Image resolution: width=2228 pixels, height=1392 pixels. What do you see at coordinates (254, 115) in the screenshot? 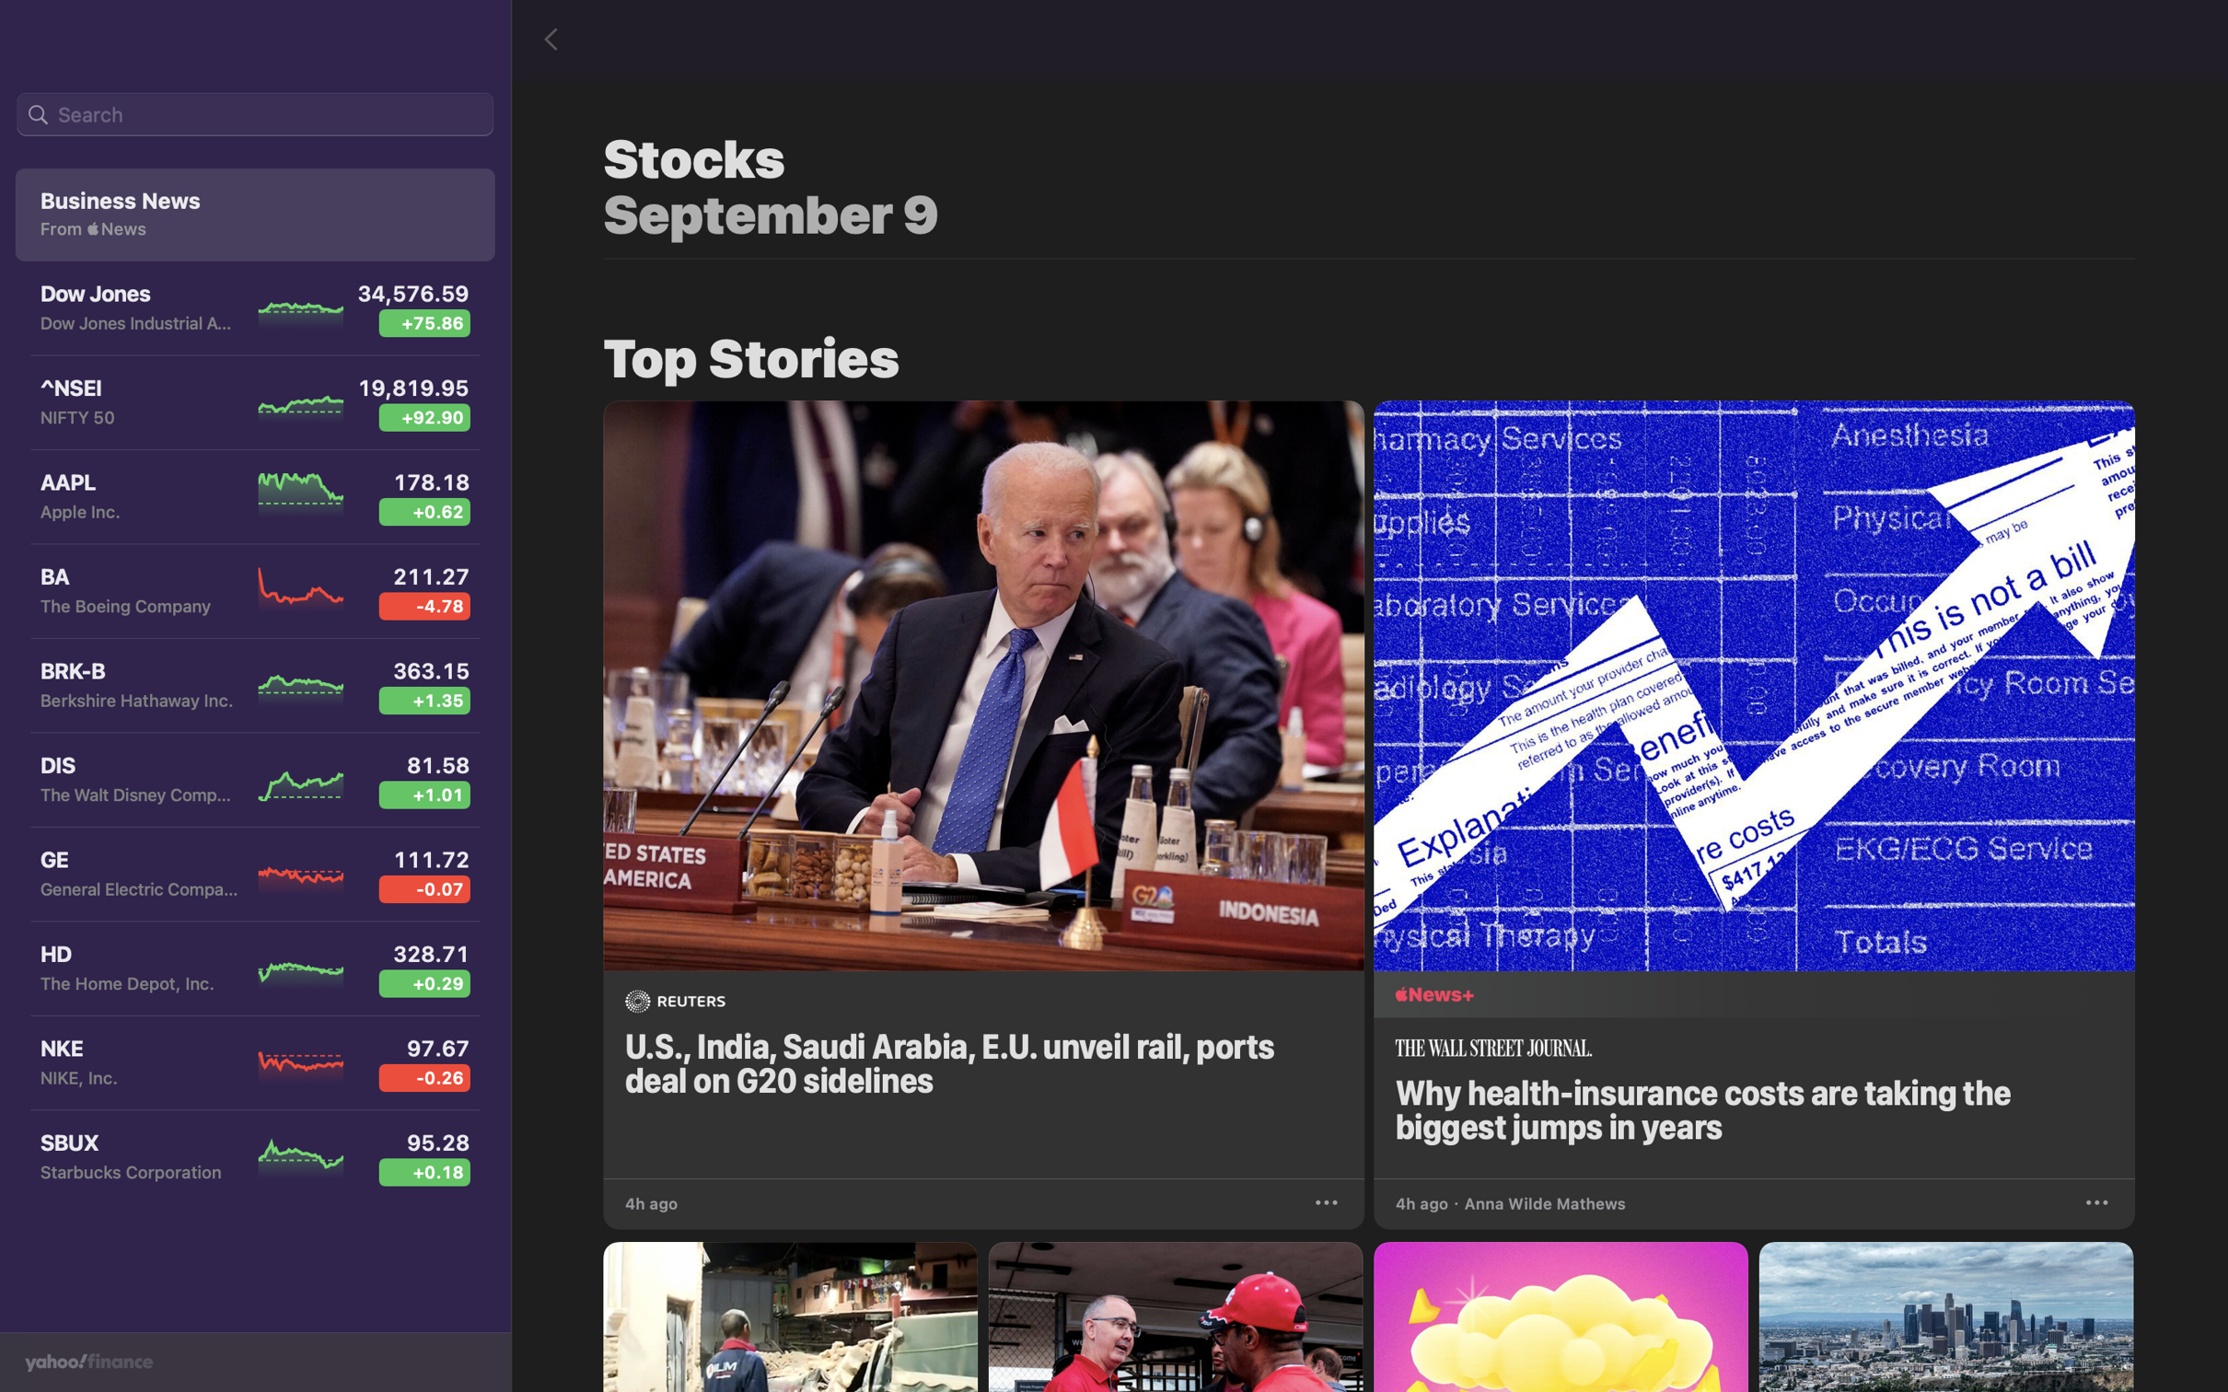
I see `Locate the "Adobe" share in the upper left search bar` at bounding box center [254, 115].